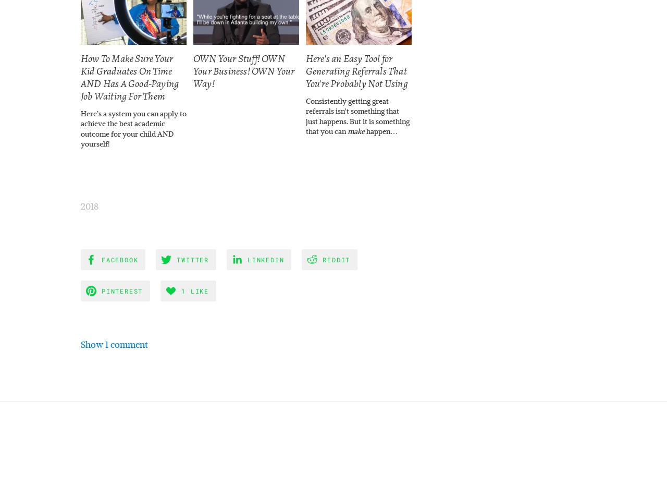 This screenshot has height=498, width=667. What do you see at coordinates (101, 291) in the screenshot?
I see `'Pinterest'` at bounding box center [101, 291].